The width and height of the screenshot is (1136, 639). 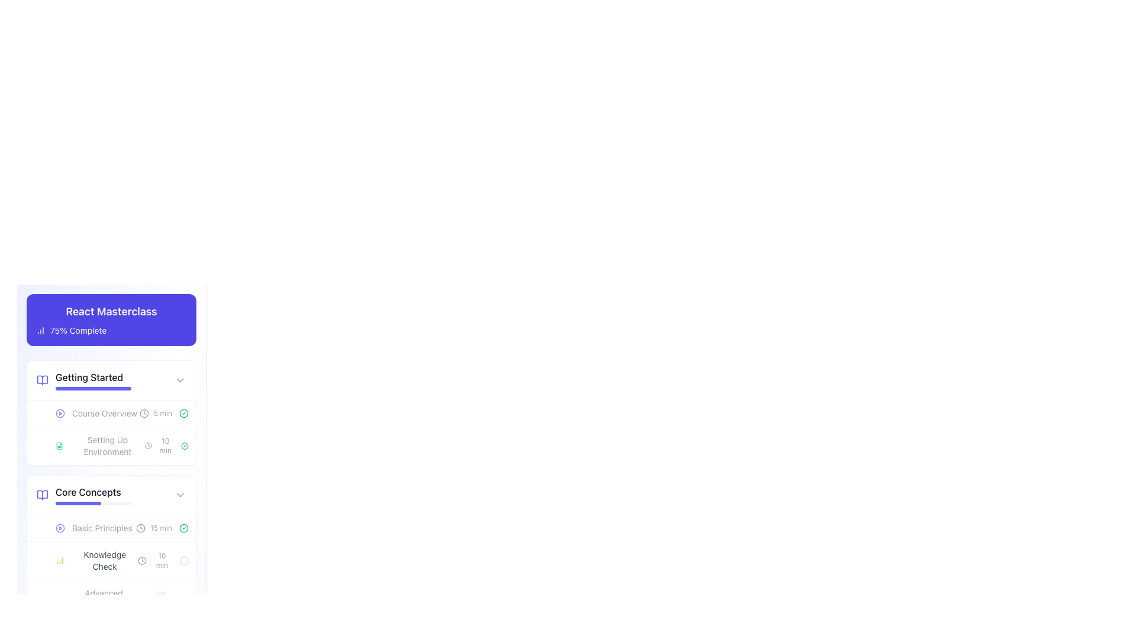 I want to click on the circular clock icon with a thin outline located in the 'Getting Started' section, to the left of the text '5 min', so click(x=143, y=412).